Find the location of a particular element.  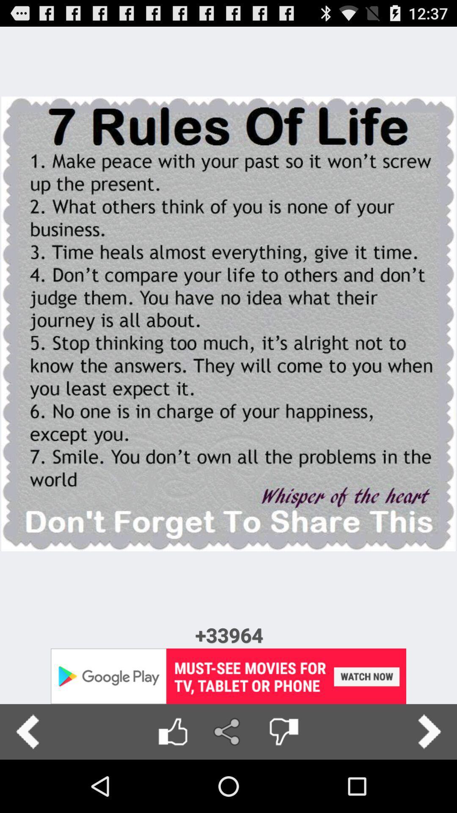

previous is located at coordinates (27, 731).